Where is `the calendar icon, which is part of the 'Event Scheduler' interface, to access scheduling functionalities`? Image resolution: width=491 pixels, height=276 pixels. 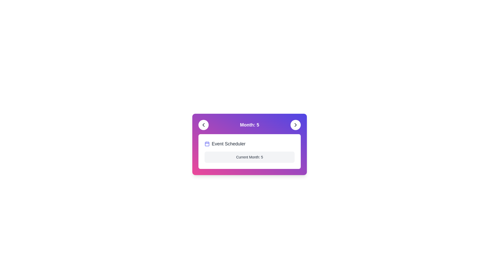 the calendar icon, which is part of the 'Event Scheduler' interface, to access scheduling functionalities is located at coordinates (207, 144).